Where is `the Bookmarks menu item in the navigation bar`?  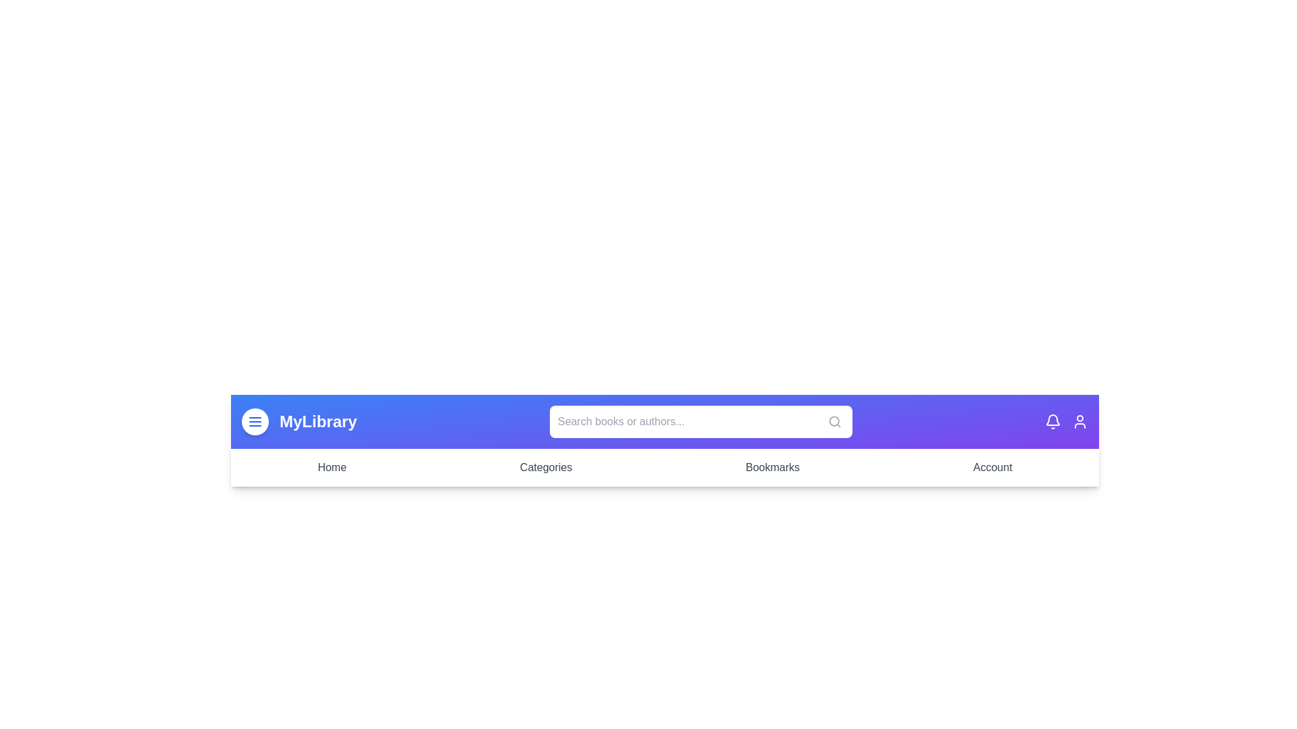
the Bookmarks menu item in the navigation bar is located at coordinates (772, 467).